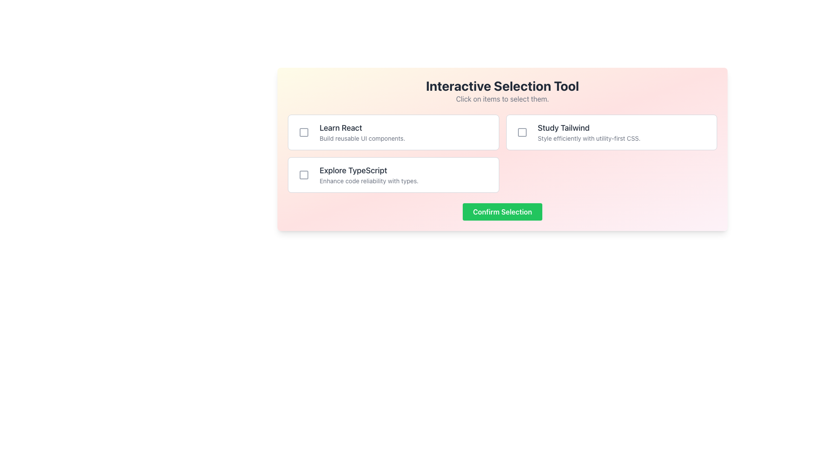 Image resolution: width=835 pixels, height=469 pixels. What do you see at coordinates (304, 175) in the screenshot?
I see `the square-shaped icon with rounded corners inside the 'Explore TypeScript' checkbox` at bounding box center [304, 175].